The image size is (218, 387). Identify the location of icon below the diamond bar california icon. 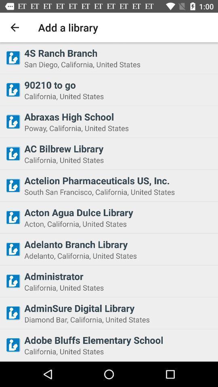
(118, 339).